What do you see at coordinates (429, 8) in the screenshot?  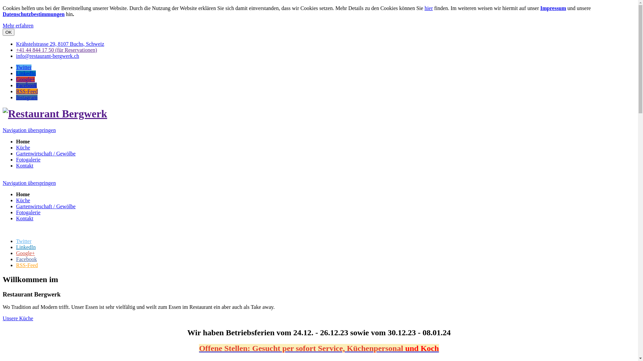 I see `'hier'` at bounding box center [429, 8].